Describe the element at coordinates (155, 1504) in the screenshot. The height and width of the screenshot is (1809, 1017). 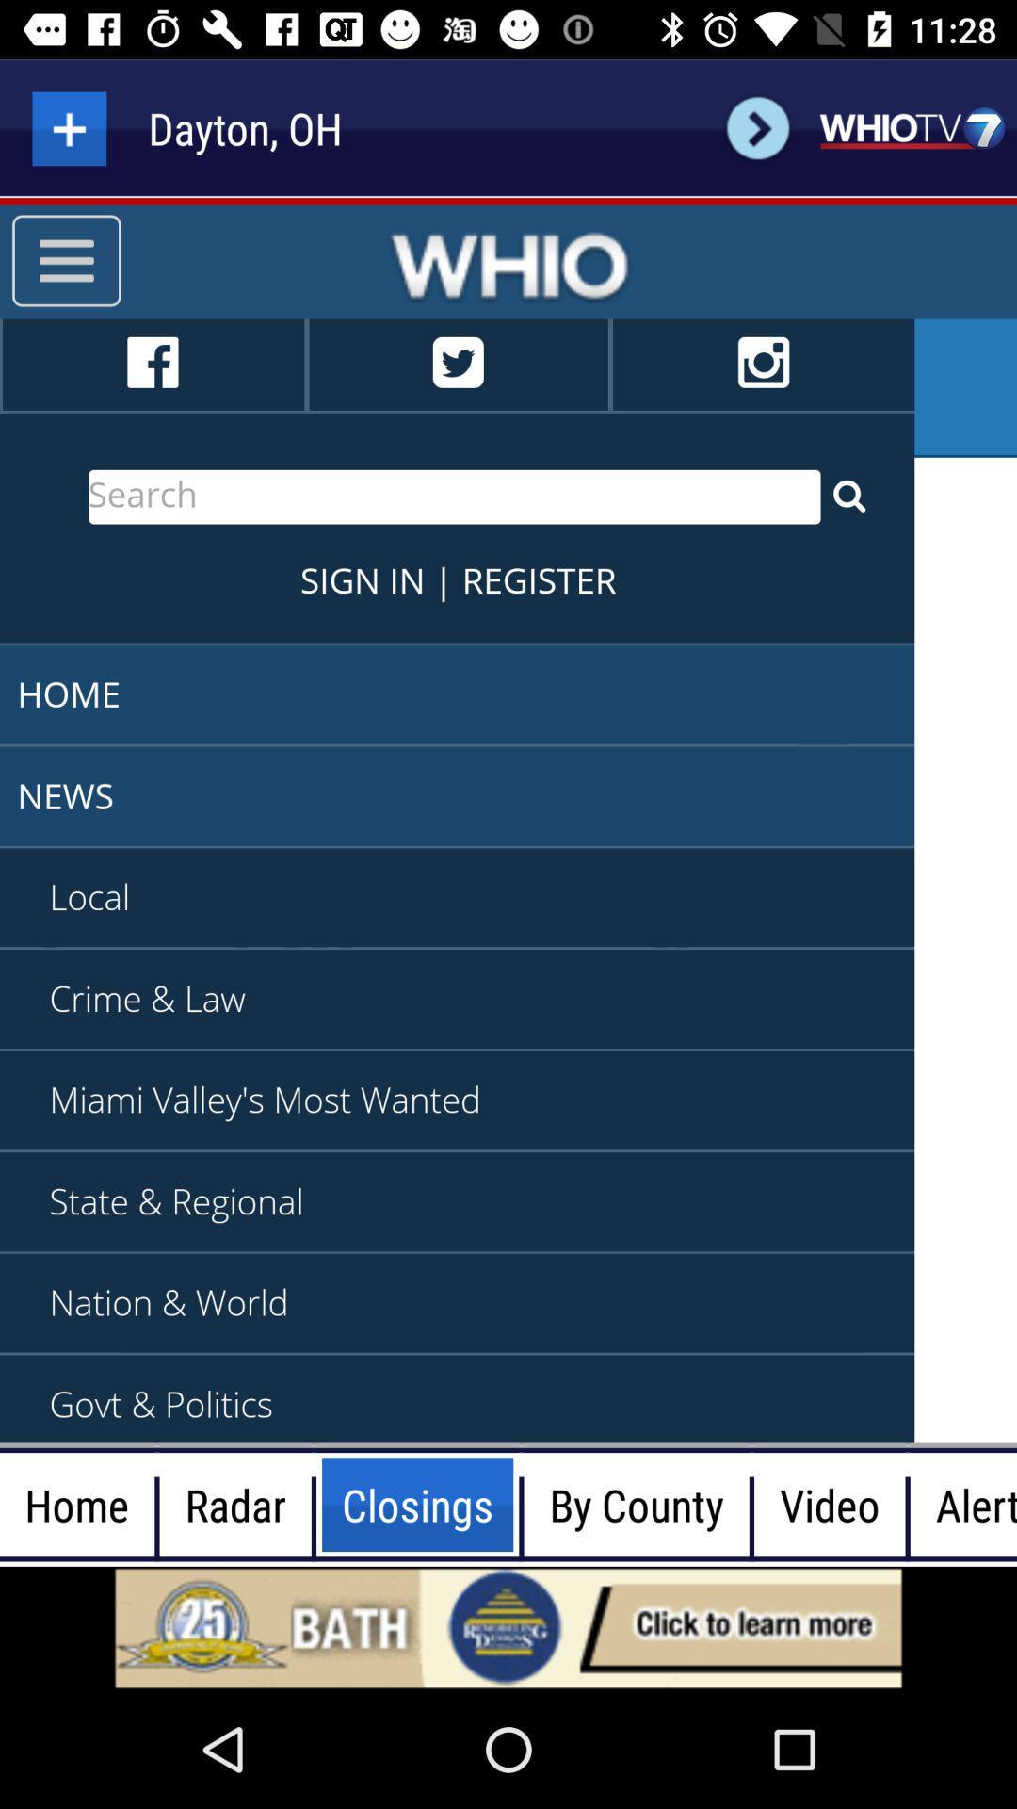
I see `line between home and radar option` at that location.